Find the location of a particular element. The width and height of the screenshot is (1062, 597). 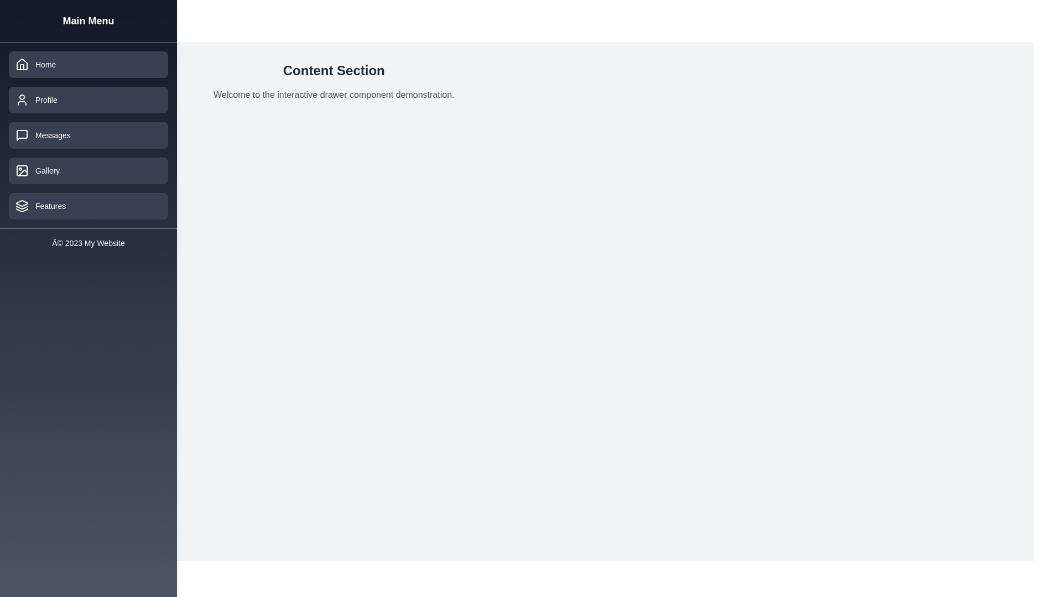

small vector icon in the shape of an 'X' located within the navigation menu near the 'Home' option by clicking on it is located at coordinates (34, 60).